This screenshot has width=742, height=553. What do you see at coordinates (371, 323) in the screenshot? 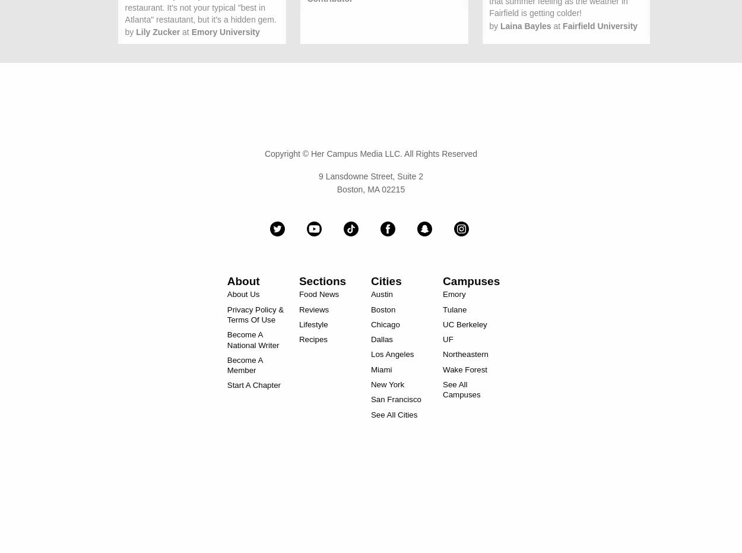
I see `'Chicago'` at bounding box center [371, 323].